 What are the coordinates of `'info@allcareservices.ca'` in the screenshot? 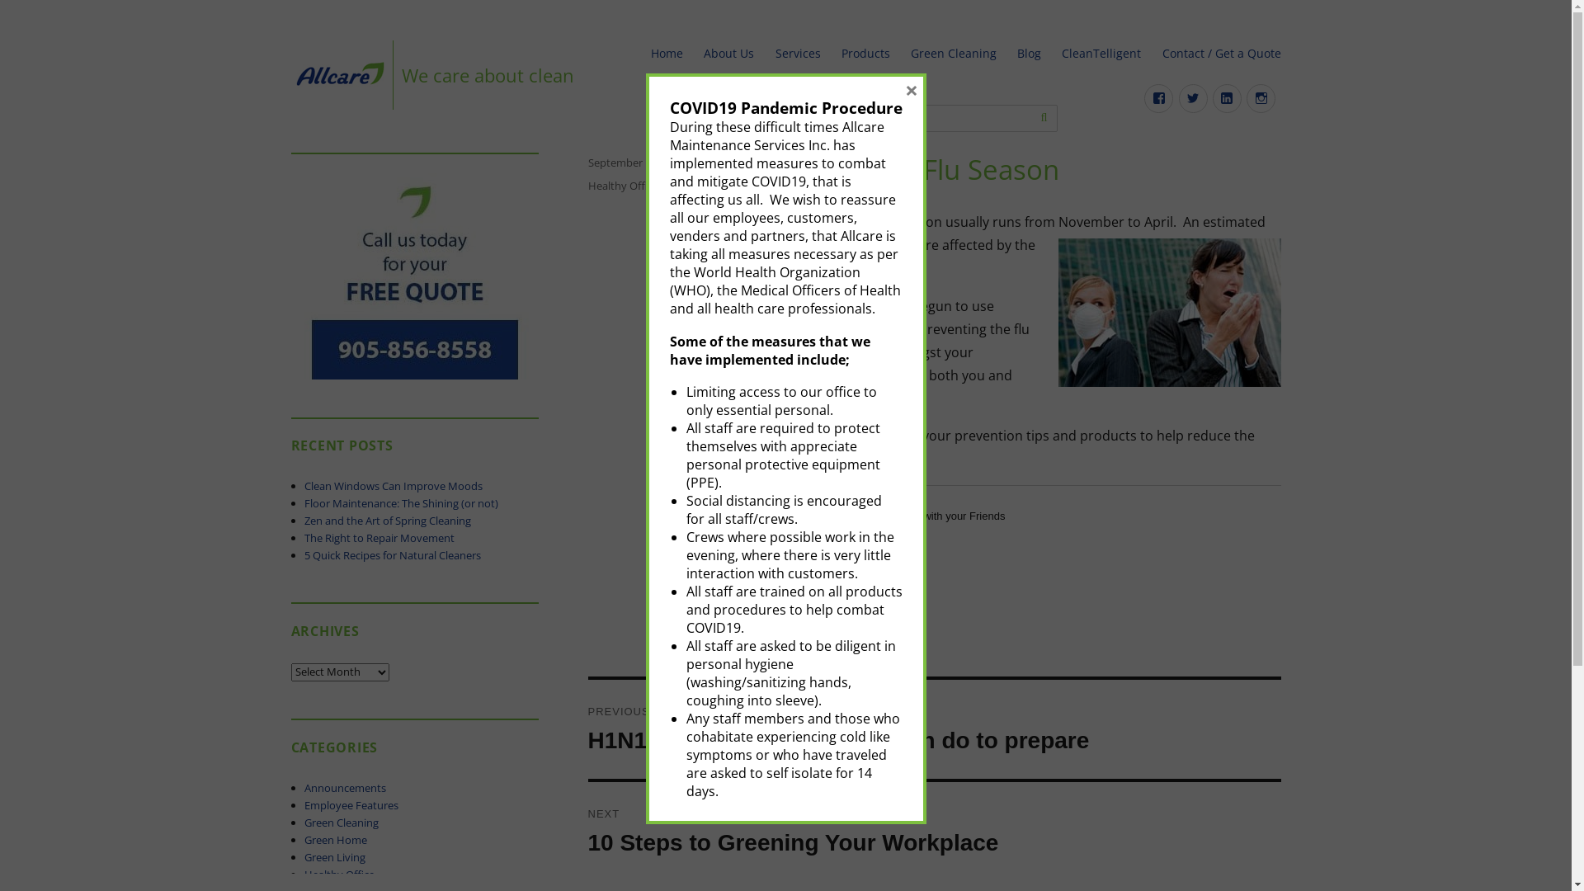 It's located at (801, 117).